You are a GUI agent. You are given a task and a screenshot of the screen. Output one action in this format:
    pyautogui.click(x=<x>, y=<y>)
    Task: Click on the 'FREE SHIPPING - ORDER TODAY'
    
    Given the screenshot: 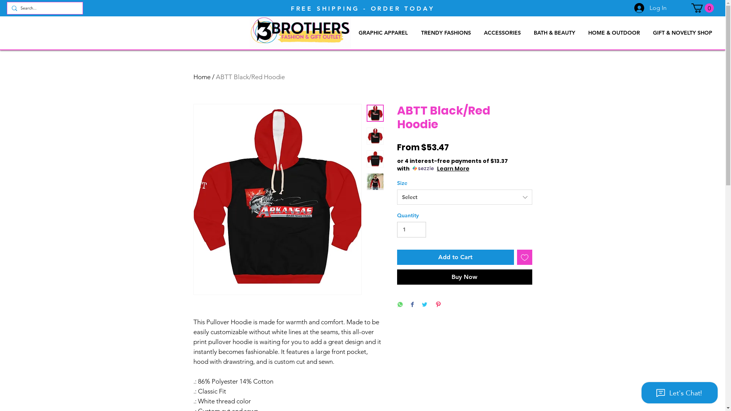 What is the action you would take?
    pyautogui.click(x=362, y=8)
    